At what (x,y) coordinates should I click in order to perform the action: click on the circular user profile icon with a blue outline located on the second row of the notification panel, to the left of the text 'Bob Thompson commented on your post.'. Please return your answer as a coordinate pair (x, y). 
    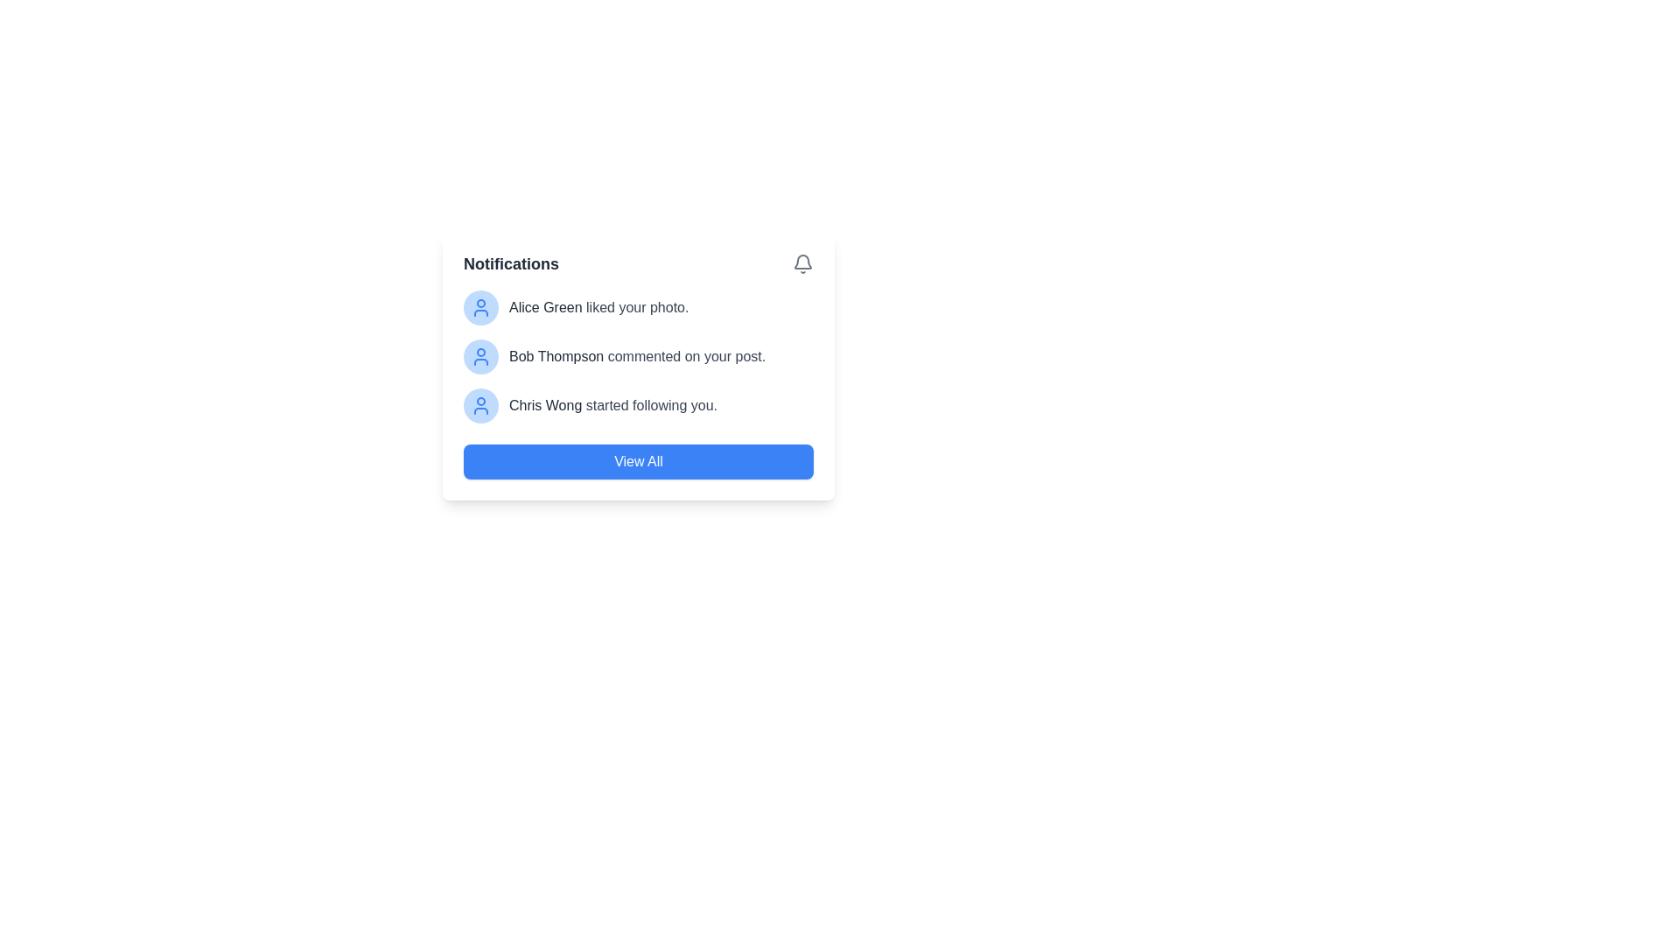
    Looking at the image, I should click on (481, 306).